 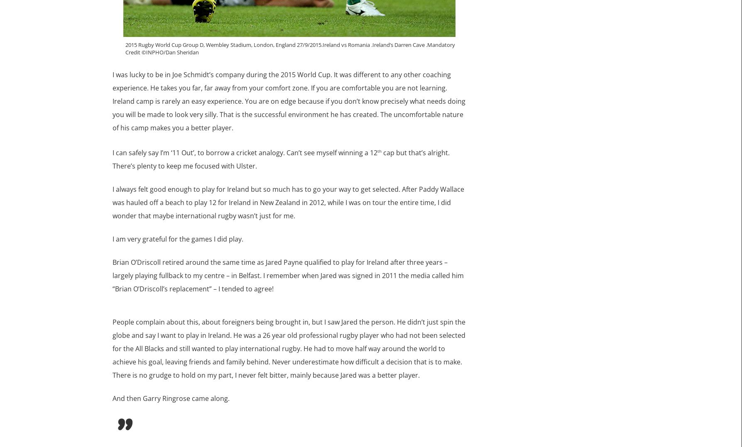 What do you see at coordinates (287, 275) in the screenshot?
I see `'Brian O’Driscoll retired around the same time as Jared Payne qualified to play for Ireland after three years – largely playing fullback to my centre – in Belfast. I remember when Jared was signed in 2011 the media called him “Brian O’Driscoll’s replacement” – I tended to agree!'` at bounding box center [287, 275].